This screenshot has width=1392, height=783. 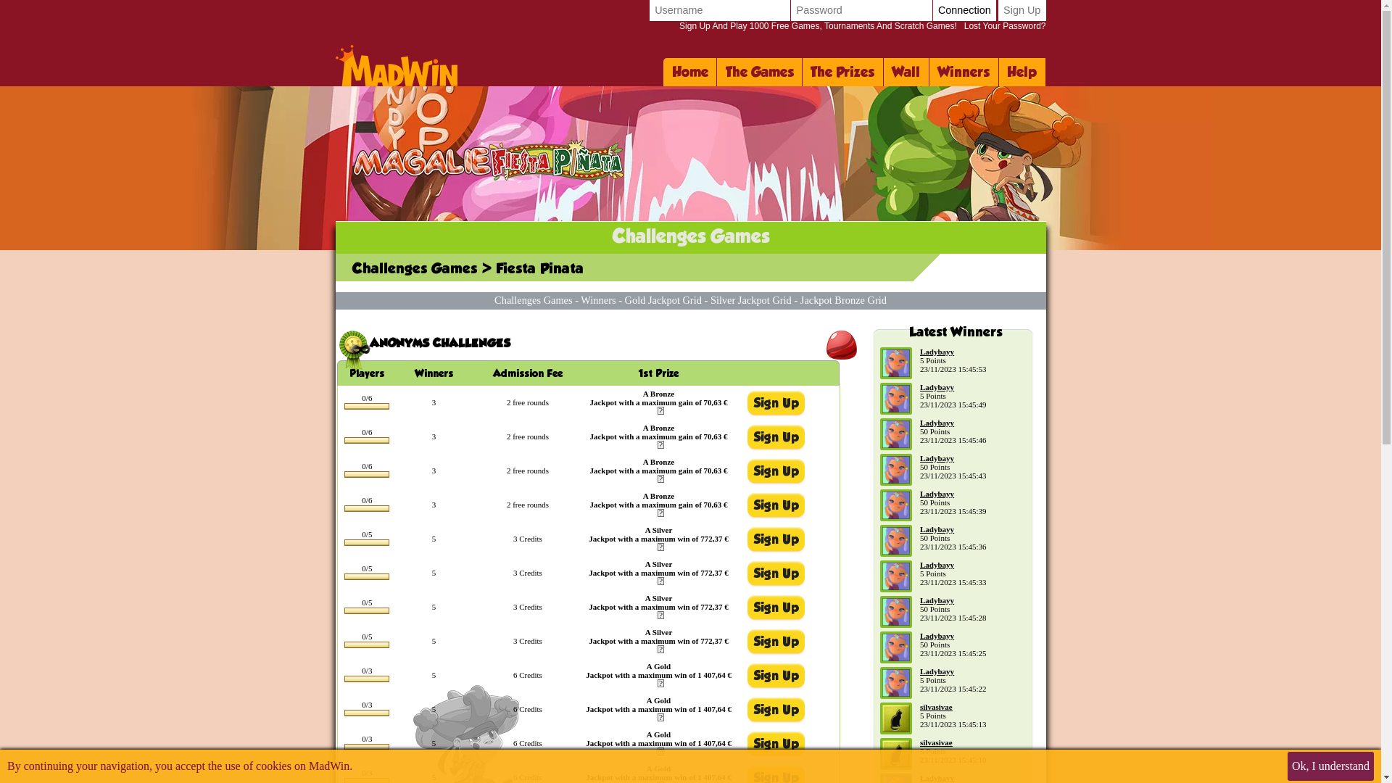 I want to click on 'The Prizes', so click(x=802, y=72).